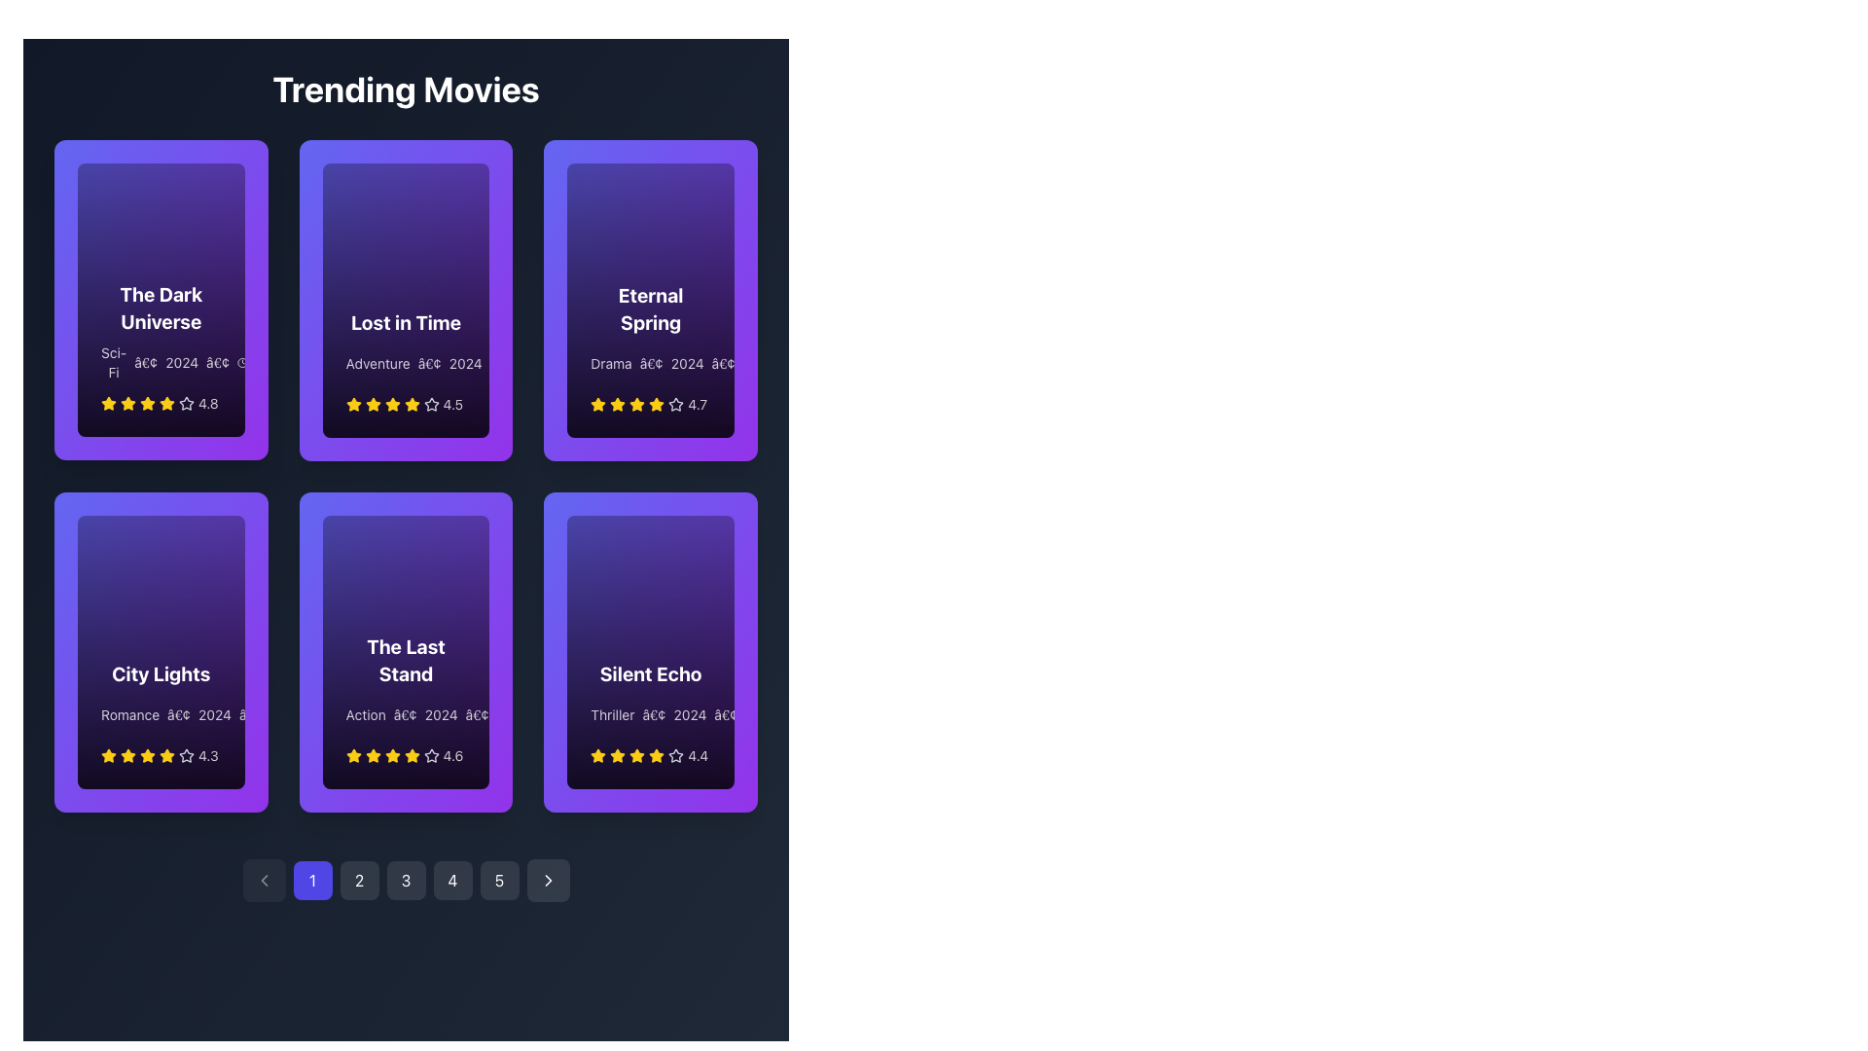 The image size is (1868, 1051). What do you see at coordinates (617, 403) in the screenshot?
I see `the second star in the rating system located below the movie title 'Eternal Spring' in the trending movies grid to interact with the rating system` at bounding box center [617, 403].